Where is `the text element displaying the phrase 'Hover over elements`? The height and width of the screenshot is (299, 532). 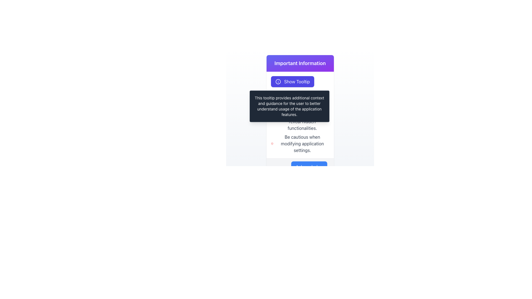
the text element displaying the phrase 'Hover over elements is located at coordinates (300, 121).